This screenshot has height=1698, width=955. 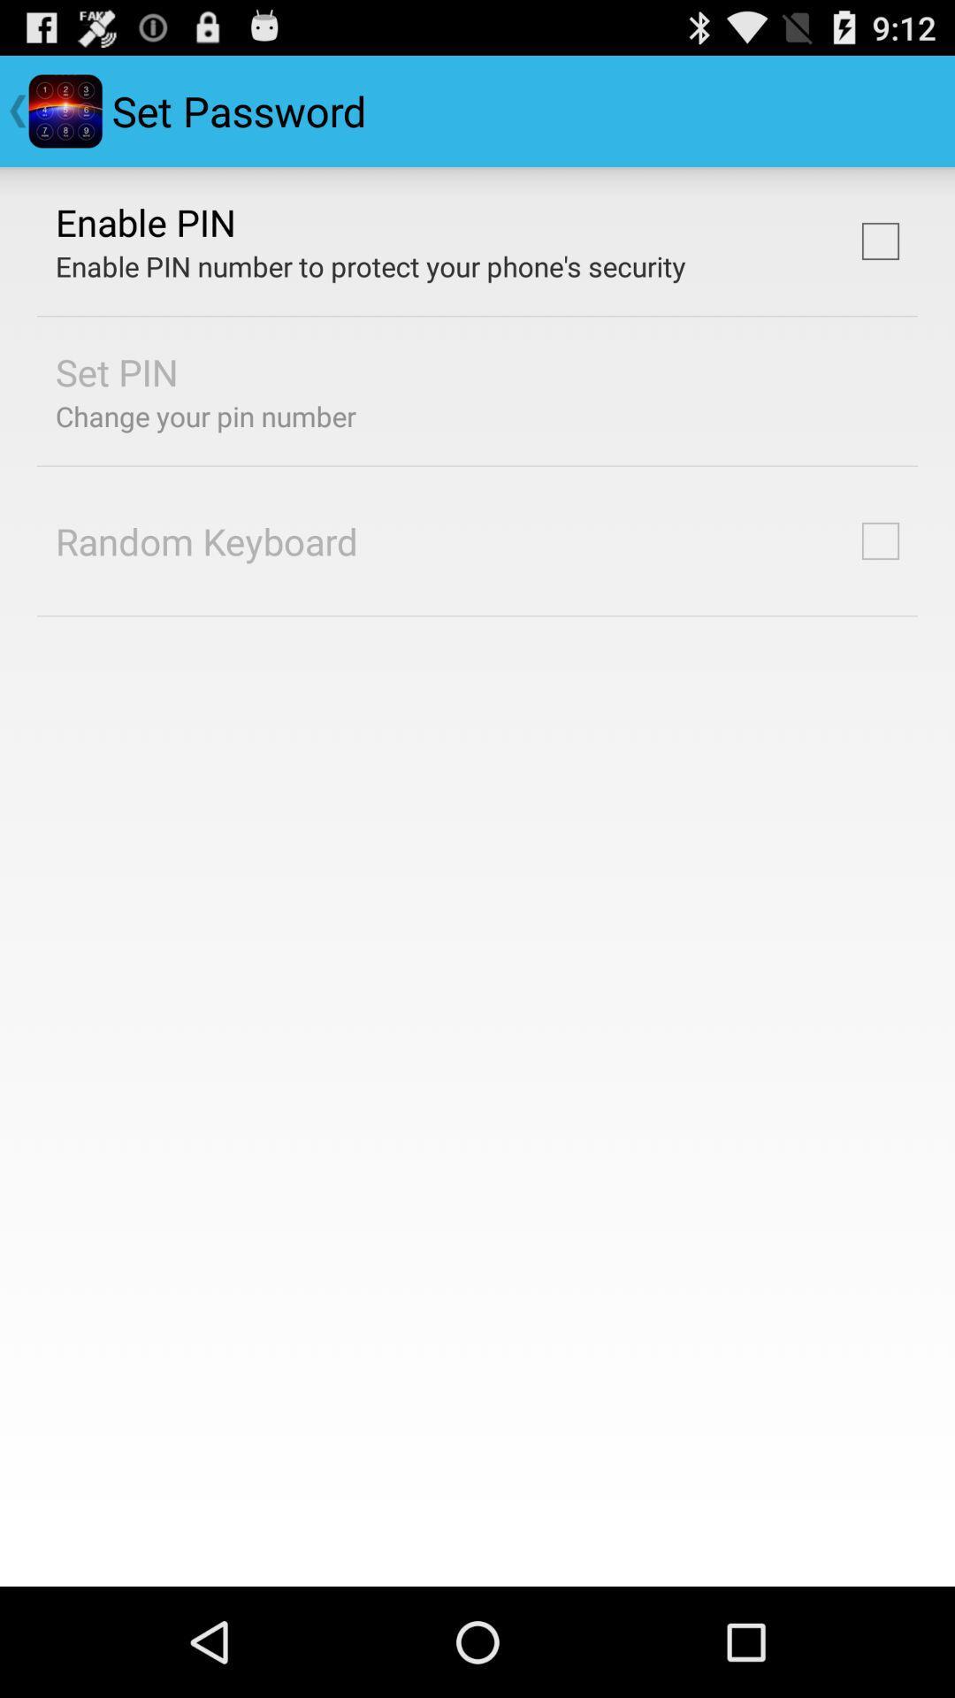 What do you see at coordinates (117, 371) in the screenshot?
I see `the set pin` at bounding box center [117, 371].